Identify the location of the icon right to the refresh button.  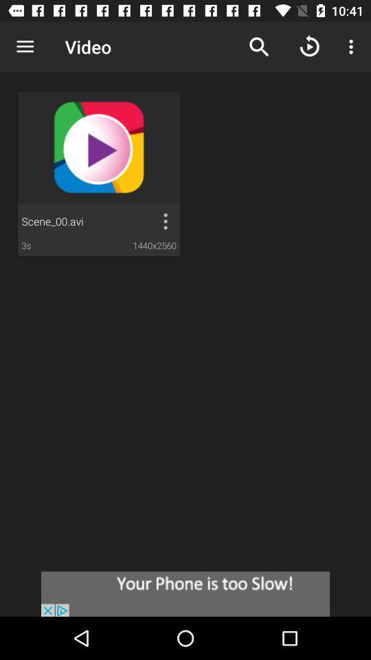
(353, 47).